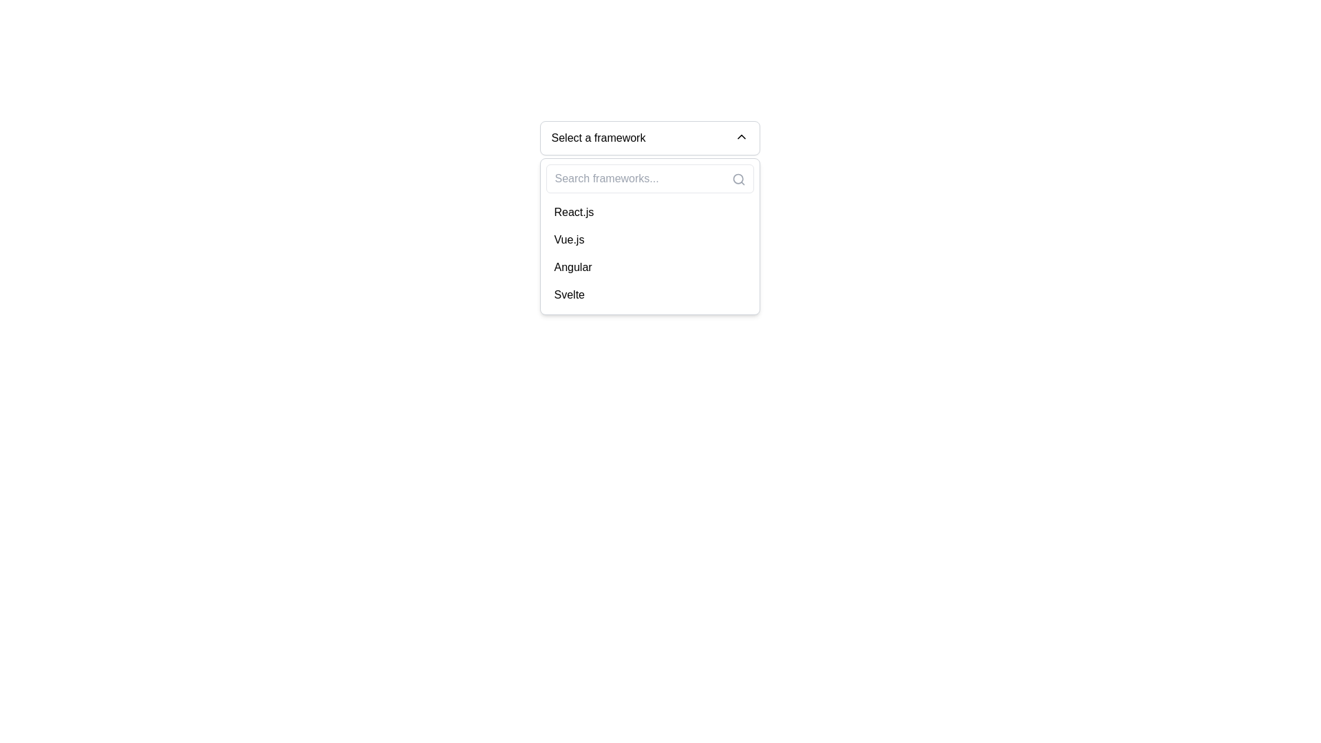 Image resolution: width=1321 pixels, height=743 pixels. I want to click on the list item displaying 'React.js', so click(649, 212).